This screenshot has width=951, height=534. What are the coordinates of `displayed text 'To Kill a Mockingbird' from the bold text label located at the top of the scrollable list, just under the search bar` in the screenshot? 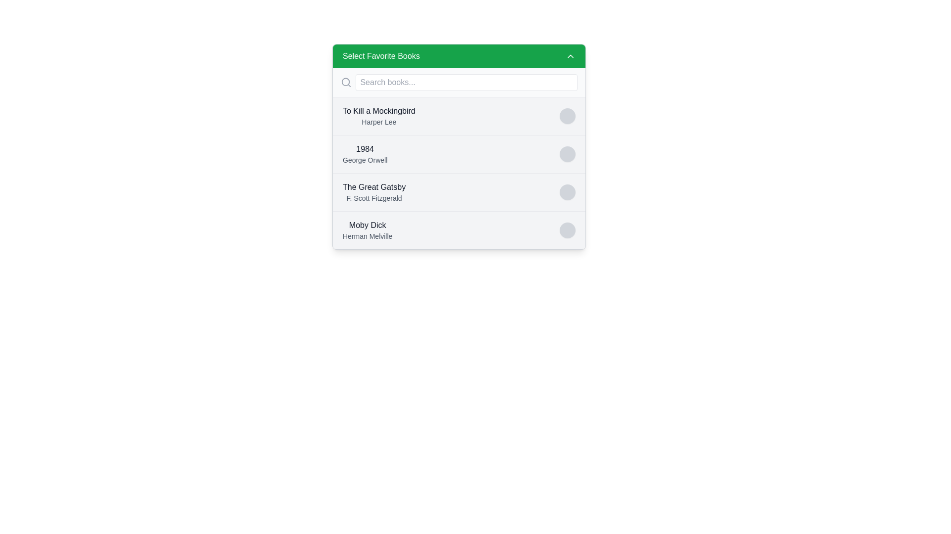 It's located at (378, 111).